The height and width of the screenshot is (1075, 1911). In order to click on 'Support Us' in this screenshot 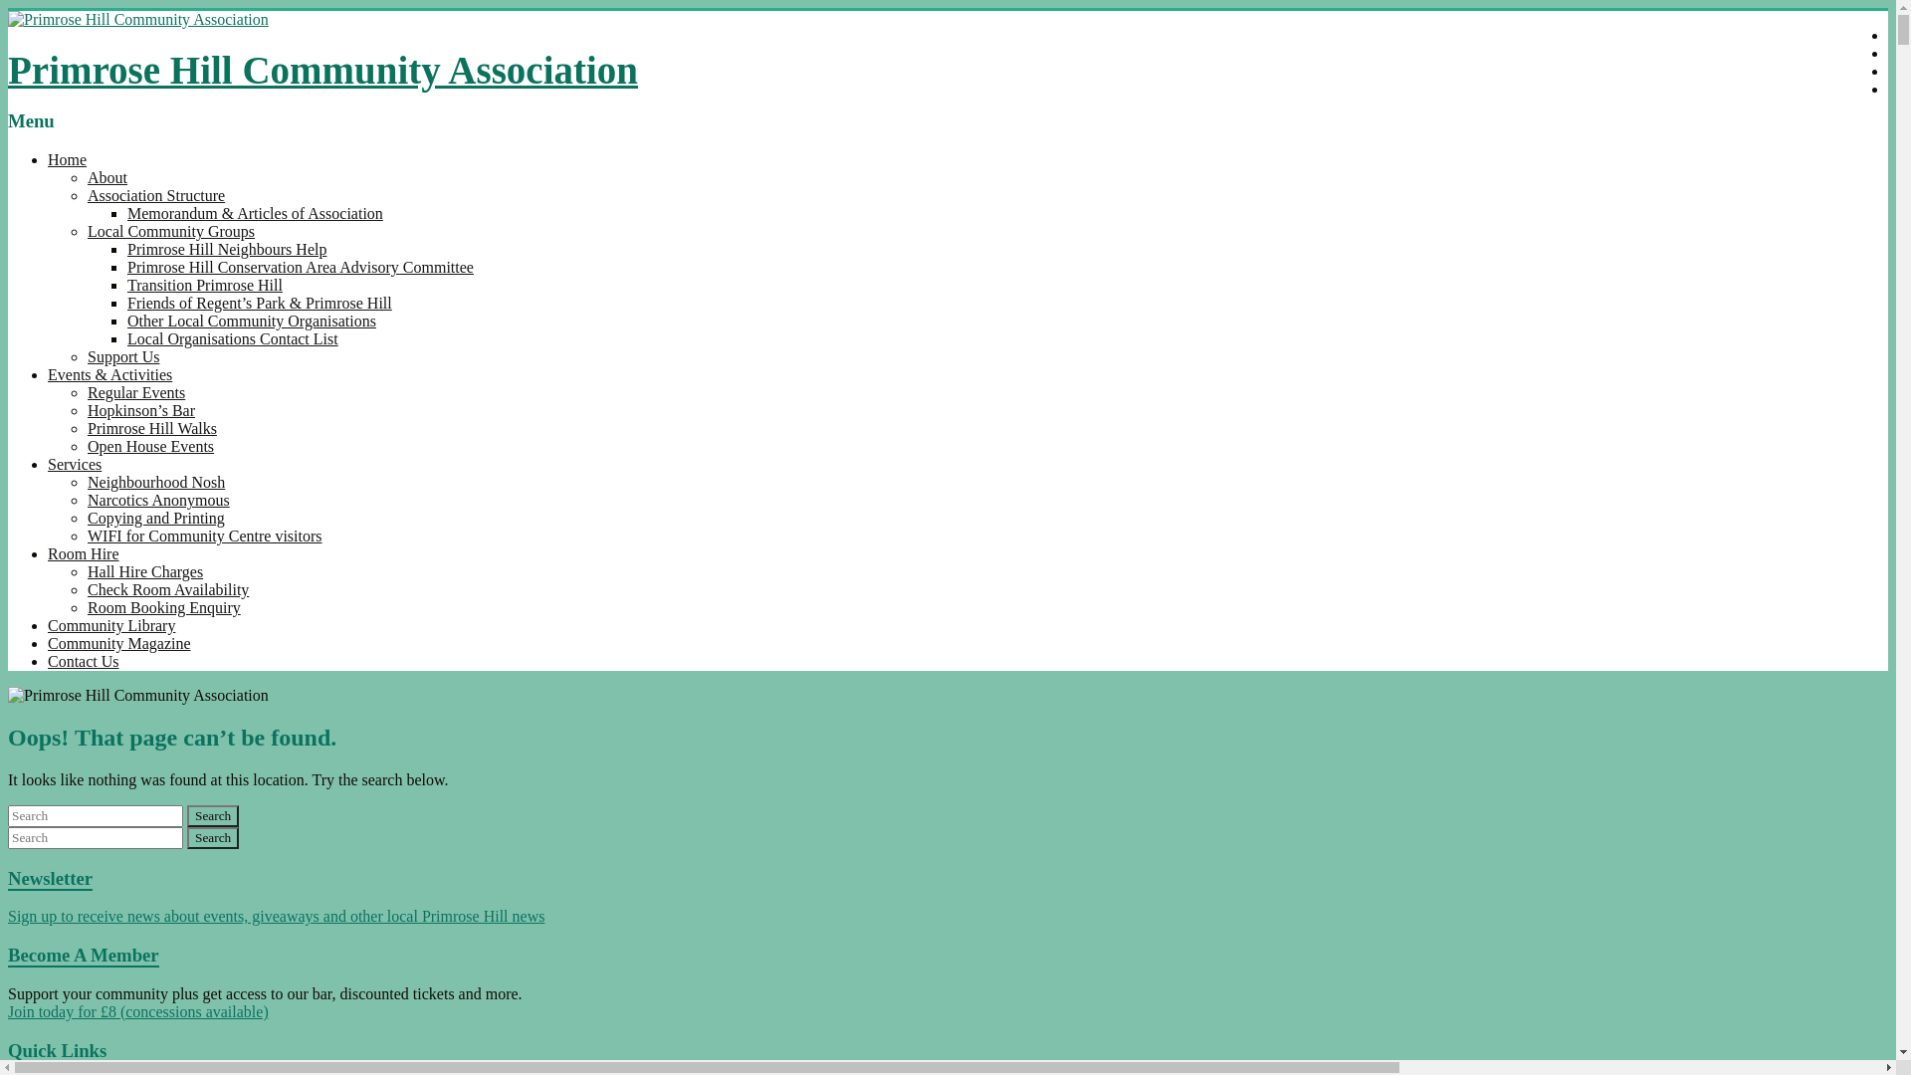, I will do `click(122, 355)`.